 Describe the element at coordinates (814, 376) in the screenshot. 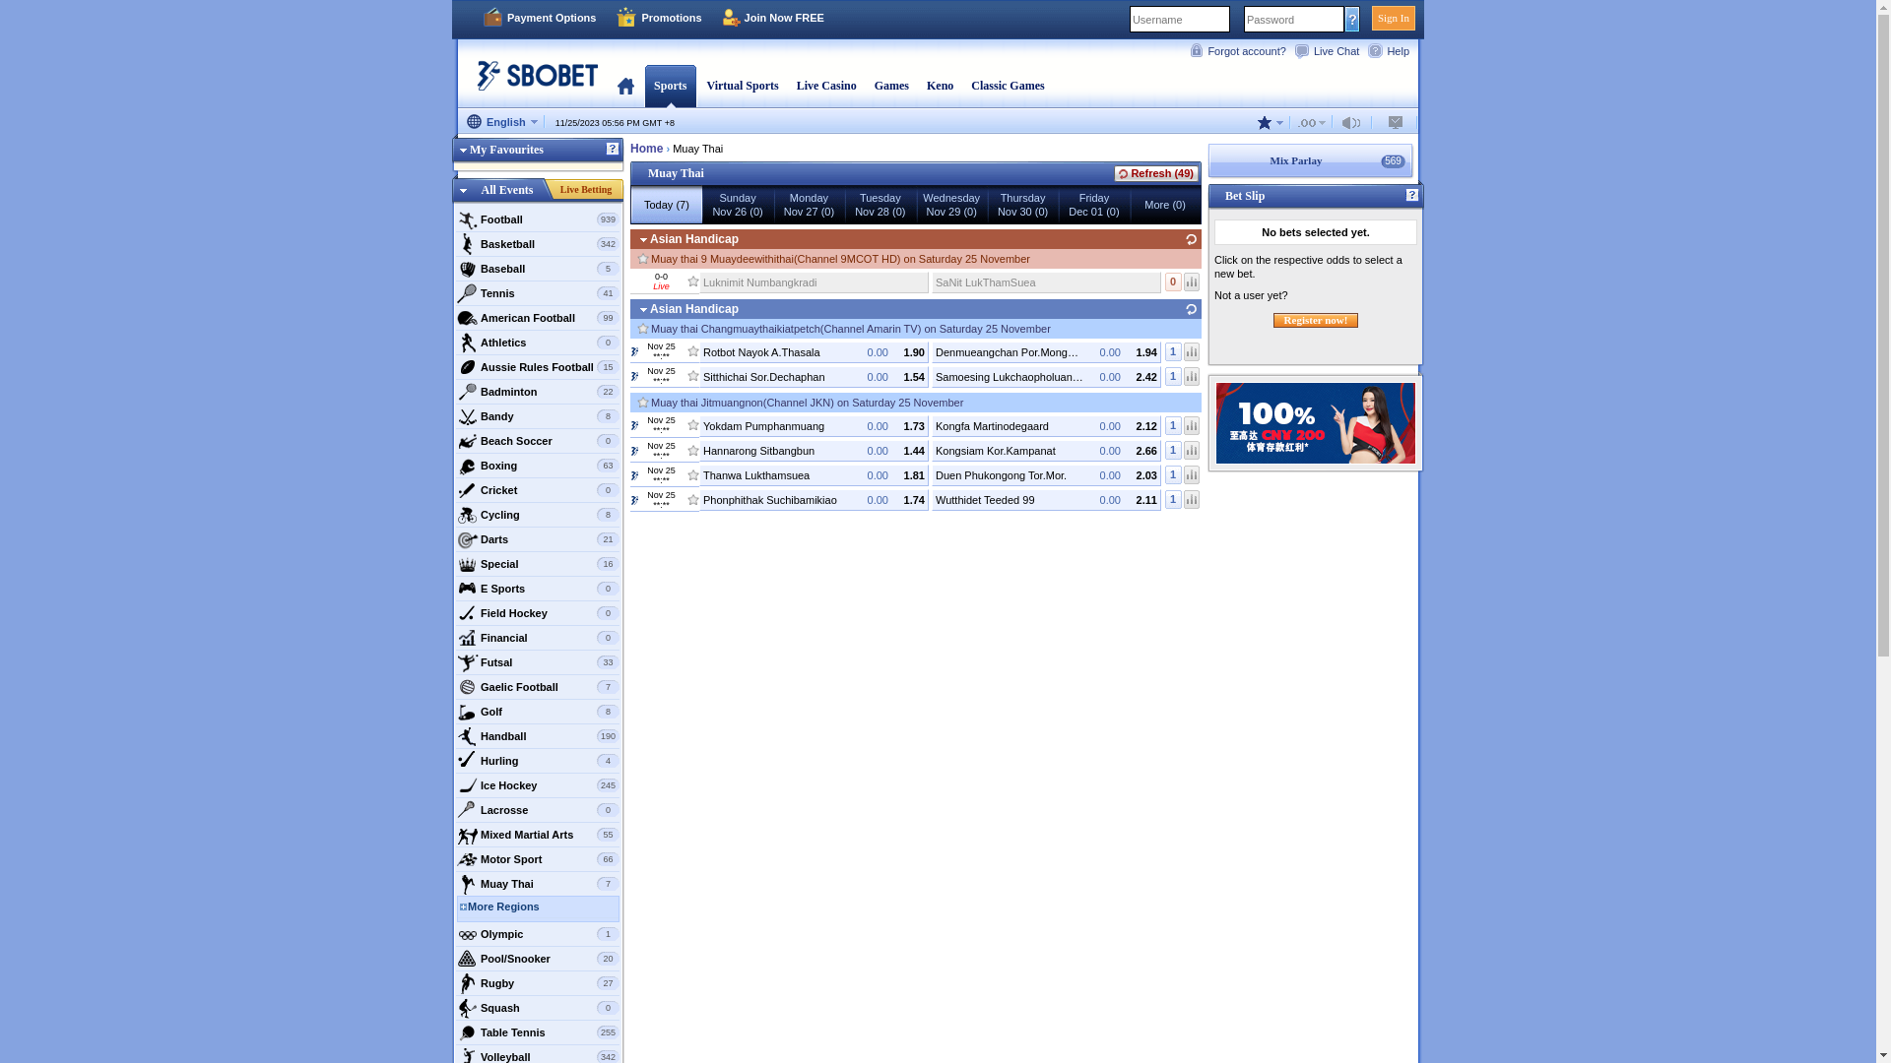

I see `'1.54` at that location.